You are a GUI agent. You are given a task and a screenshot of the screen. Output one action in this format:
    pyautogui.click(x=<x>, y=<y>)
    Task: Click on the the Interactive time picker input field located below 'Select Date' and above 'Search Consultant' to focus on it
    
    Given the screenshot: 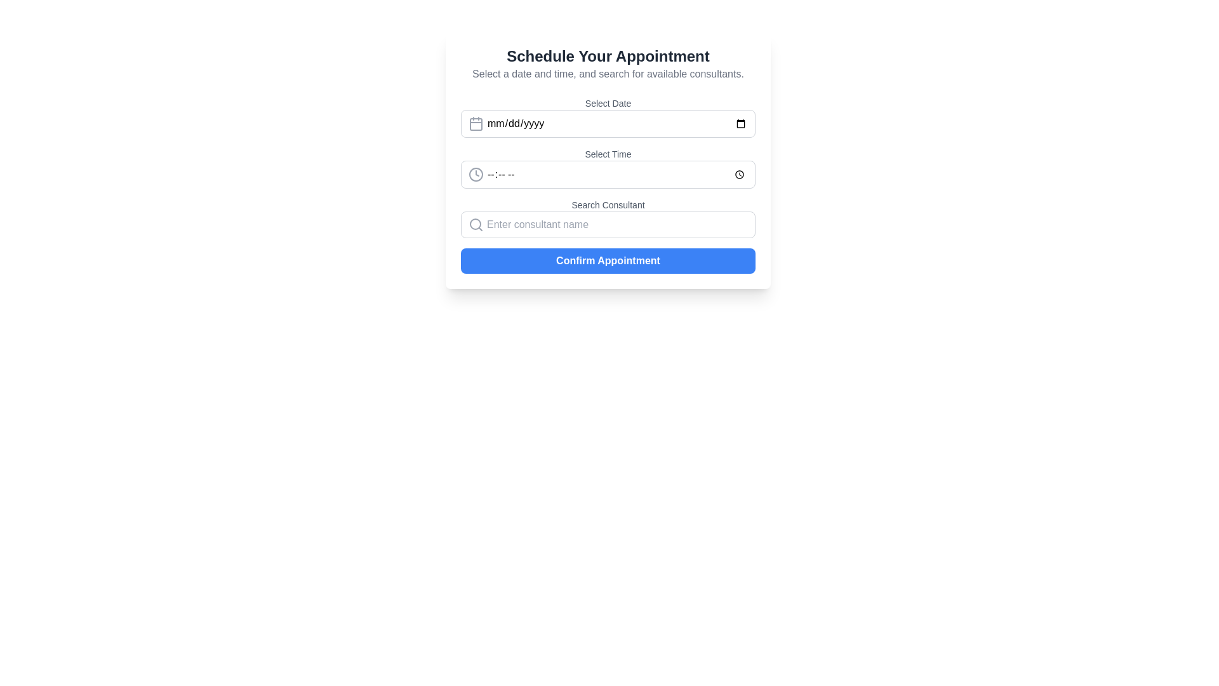 What is the action you would take?
    pyautogui.click(x=608, y=168)
    